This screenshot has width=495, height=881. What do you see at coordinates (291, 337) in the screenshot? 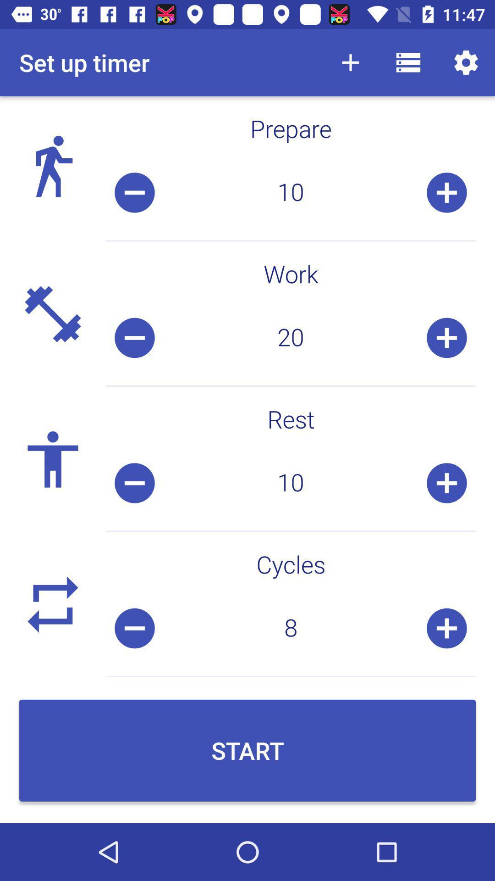
I see `20 icon` at bounding box center [291, 337].